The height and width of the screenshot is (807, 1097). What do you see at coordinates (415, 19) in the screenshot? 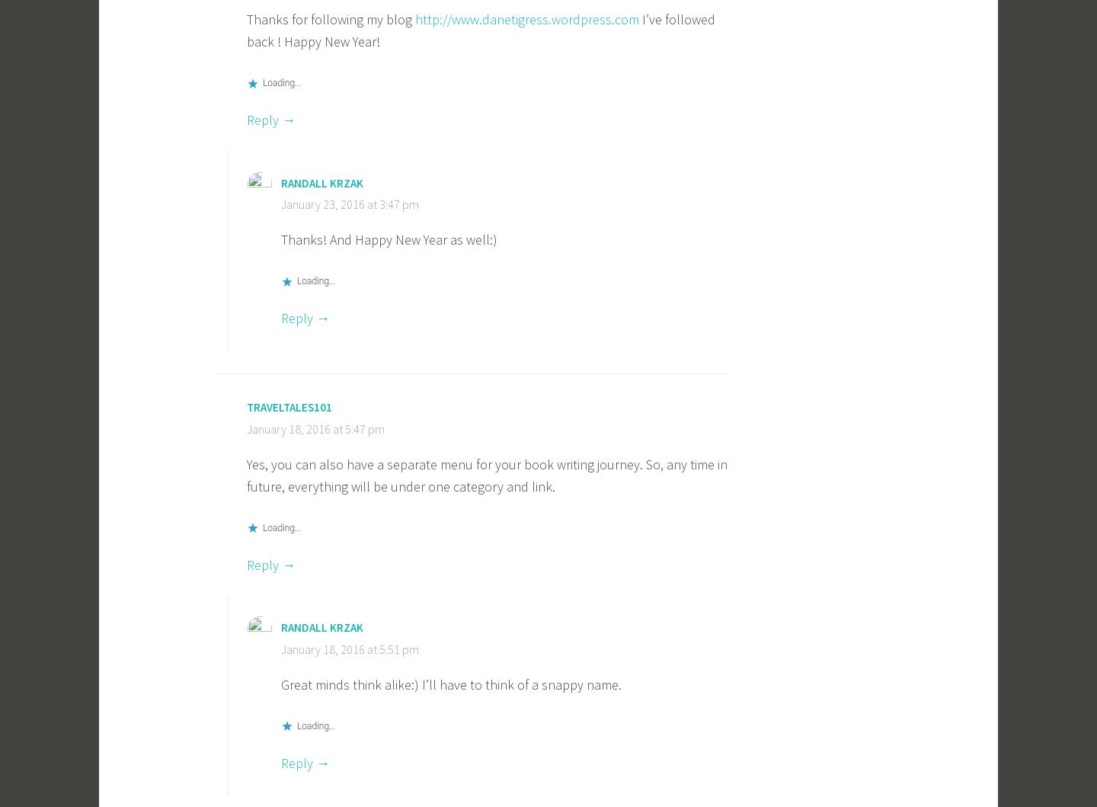
I see `'http://www.danetigress.wordpress.com'` at bounding box center [415, 19].